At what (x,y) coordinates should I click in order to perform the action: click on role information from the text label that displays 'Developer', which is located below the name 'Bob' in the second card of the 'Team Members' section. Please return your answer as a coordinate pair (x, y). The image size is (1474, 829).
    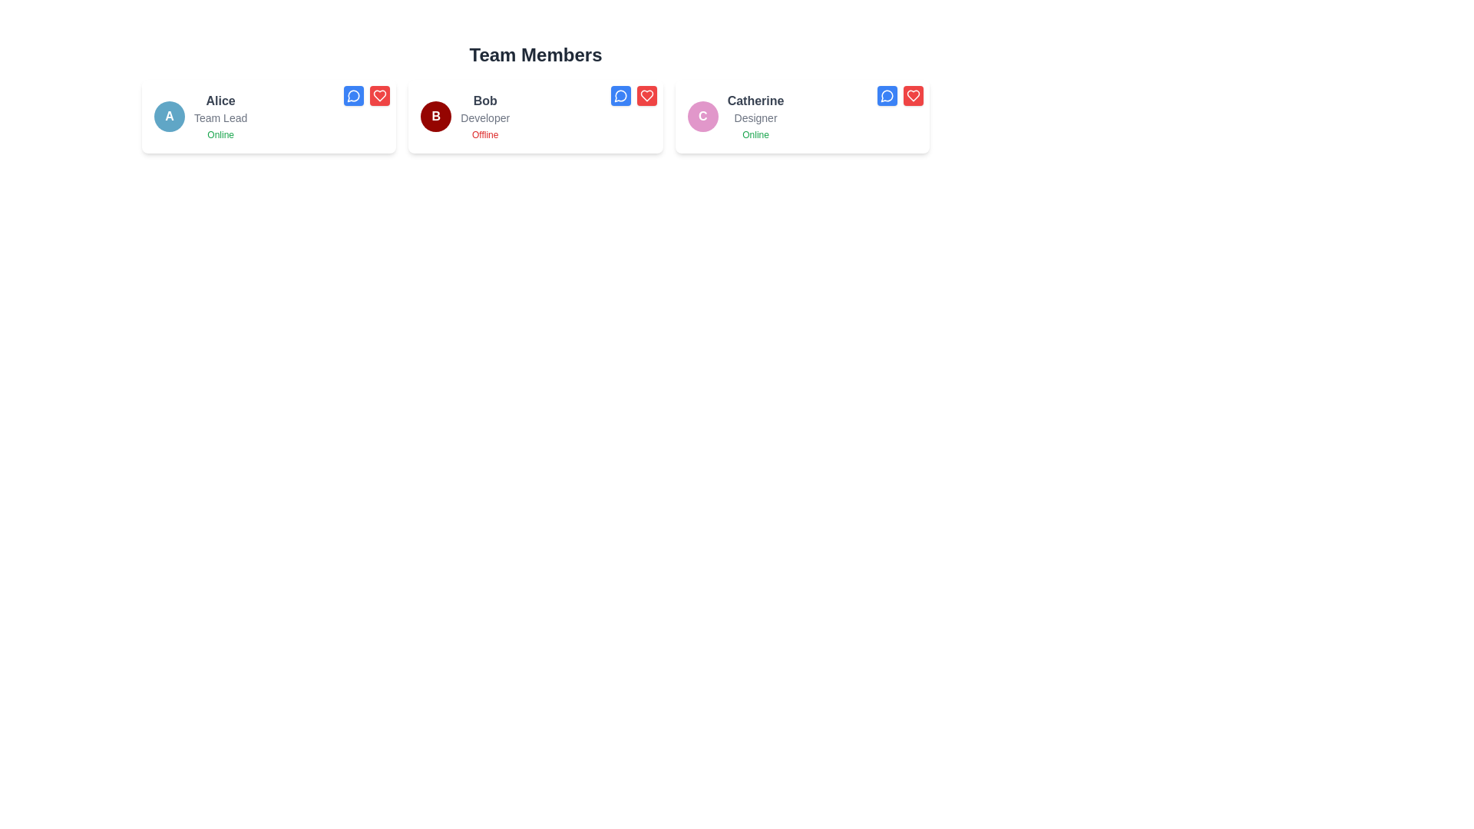
    Looking at the image, I should click on (484, 117).